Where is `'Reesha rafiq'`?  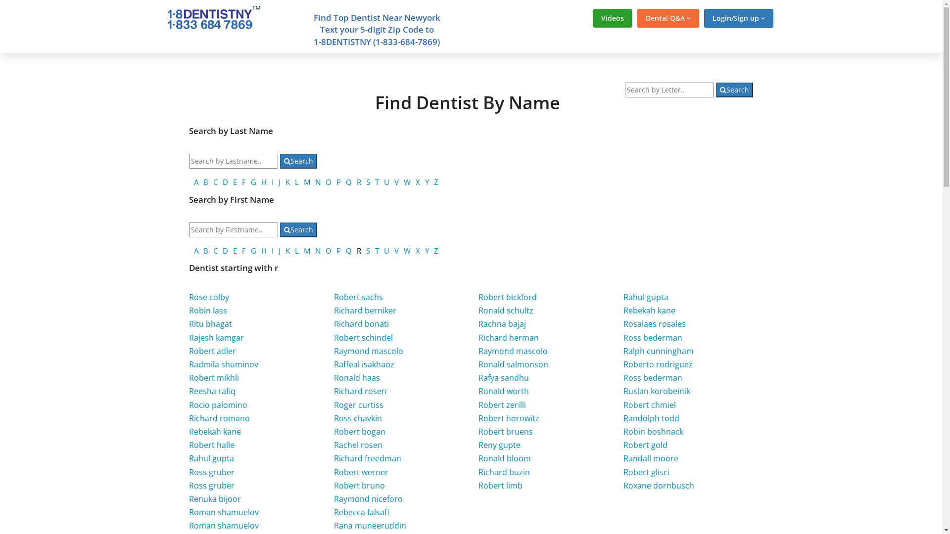 'Reesha rafiq' is located at coordinates (211, 390).